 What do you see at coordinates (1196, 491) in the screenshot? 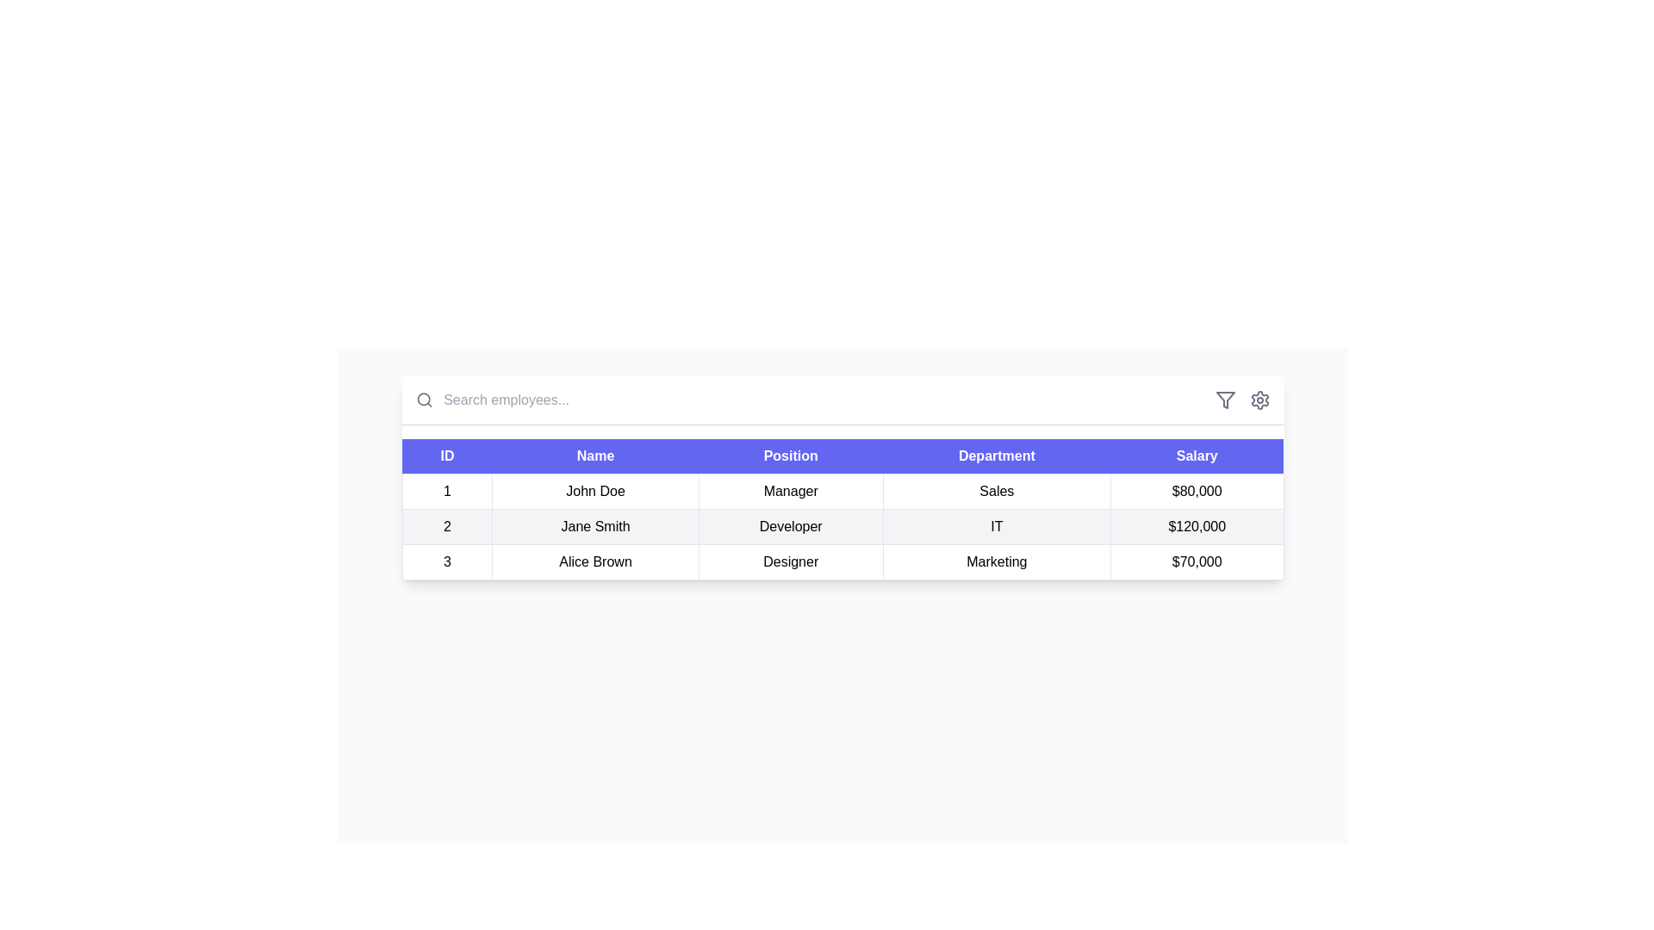
I see `the salary value display in the last column of the first row of the employee records table, which is adjacent to the 'Sales' department` at bounding box center [1196, 491].